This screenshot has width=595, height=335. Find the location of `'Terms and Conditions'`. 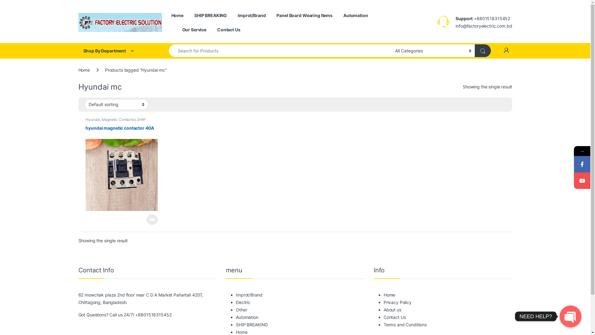

'Terms and Conditions' is located at coordinates (405, 324).